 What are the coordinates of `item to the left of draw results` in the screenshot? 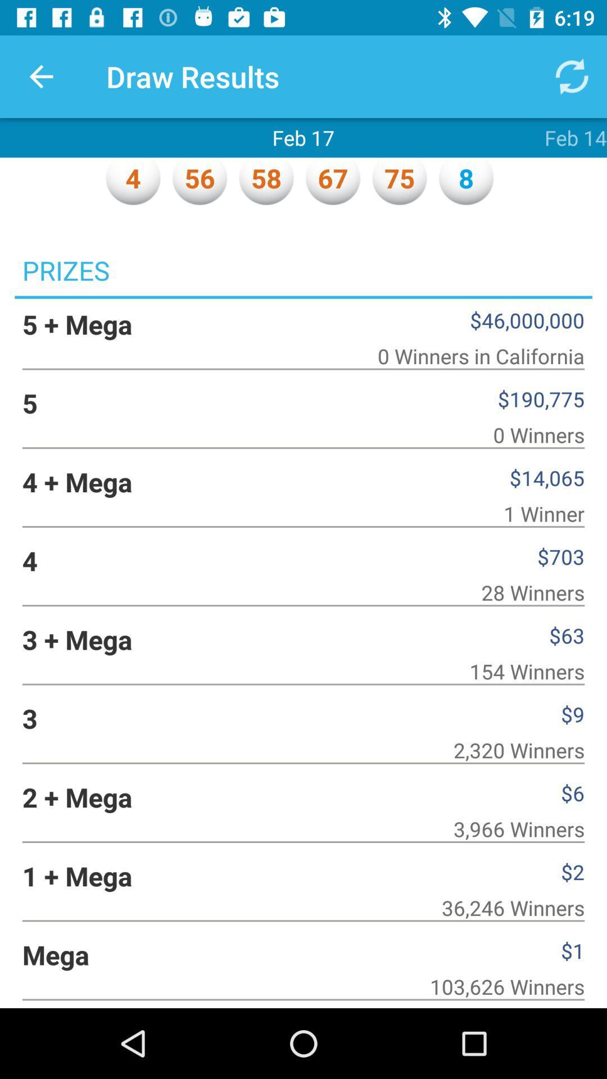 It's located at (40, 76).